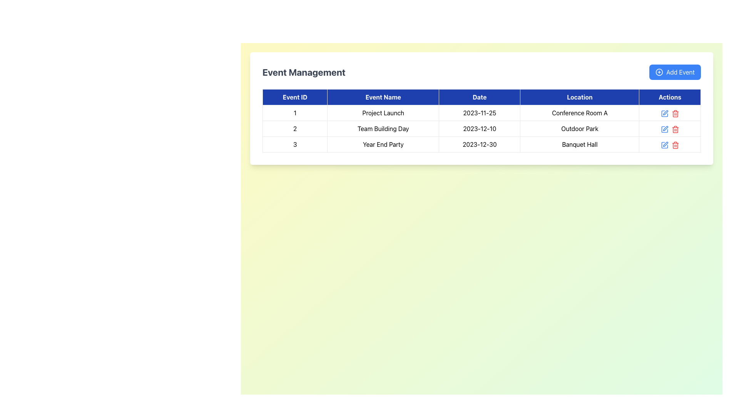 This screenshot has width=739, height=415. Describe the element at coordinates (664, 113) in the screenshot. I see `the edit icon represented by a square with a pen crossing it, located in the actions column of the topmost row in the event management table` at that location.